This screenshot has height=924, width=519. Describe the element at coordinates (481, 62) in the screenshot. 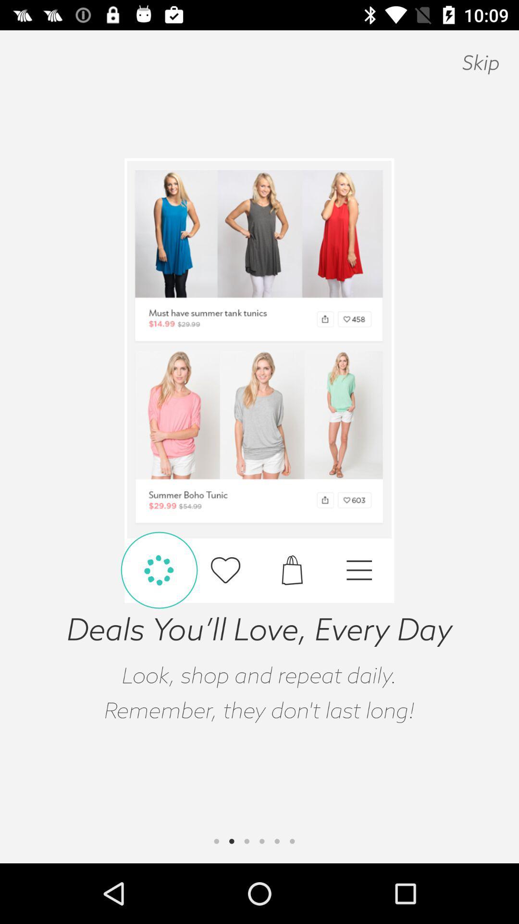

I see `the skip at the top right corner` at that location.